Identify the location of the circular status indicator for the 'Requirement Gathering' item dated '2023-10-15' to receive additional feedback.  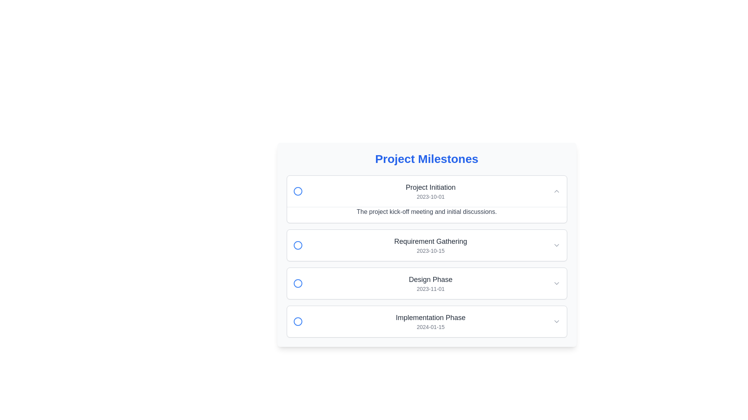
(297, 245).